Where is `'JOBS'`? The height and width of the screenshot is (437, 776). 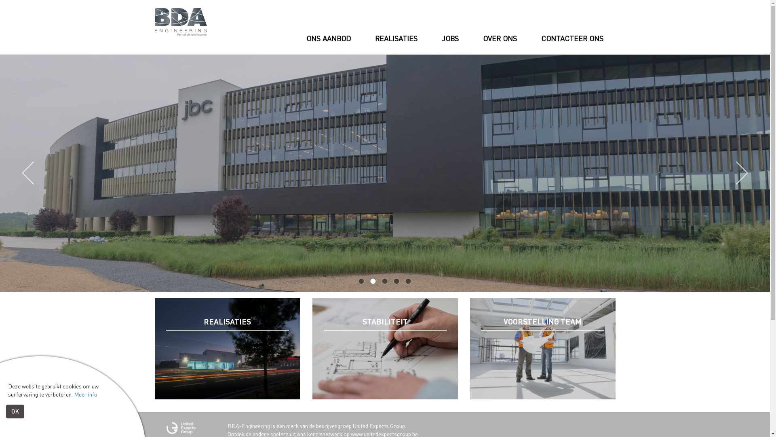
'JOBS' is located at coordinates (449, 42).